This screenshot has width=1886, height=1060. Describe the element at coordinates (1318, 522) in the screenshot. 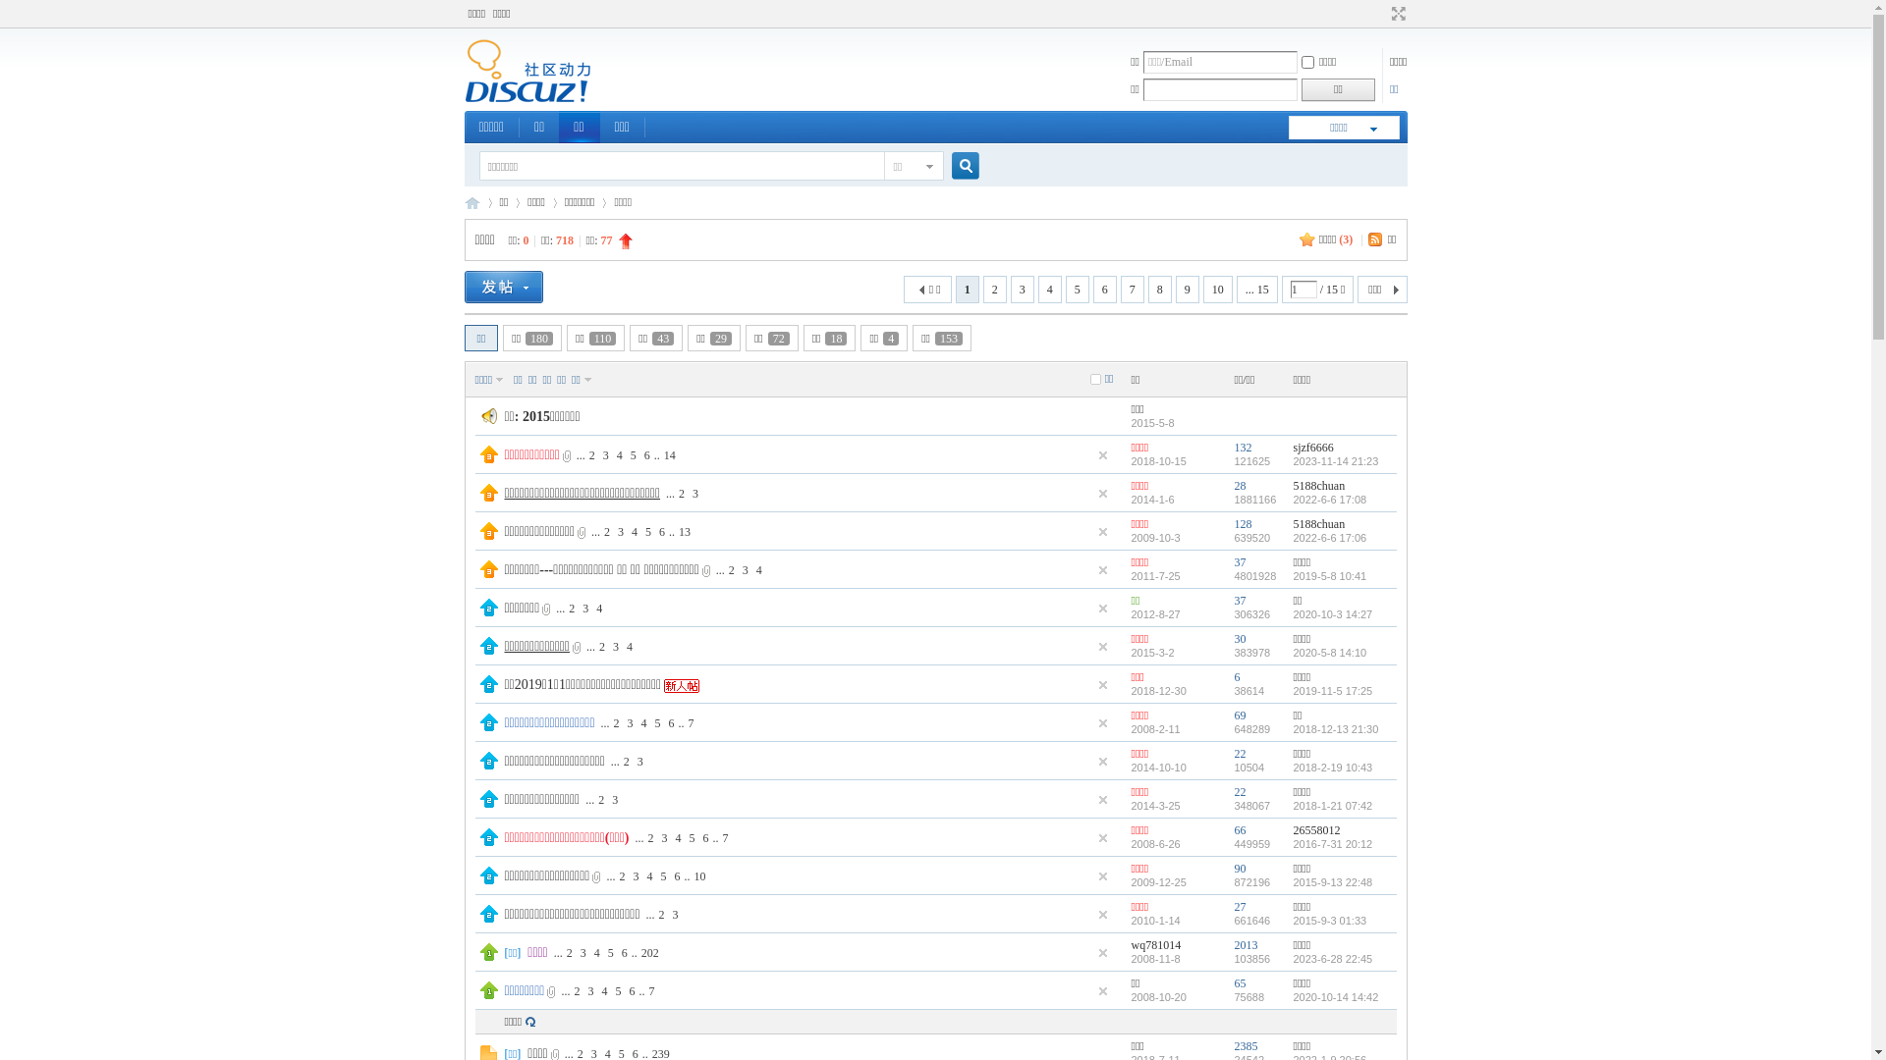

I see `'5188chuan'` at that location.